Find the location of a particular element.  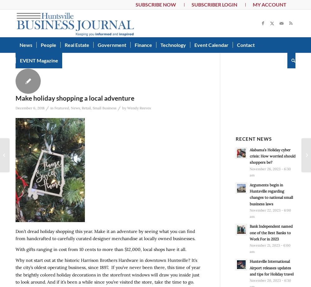

'My Account' is located at coordinates (269, 4).